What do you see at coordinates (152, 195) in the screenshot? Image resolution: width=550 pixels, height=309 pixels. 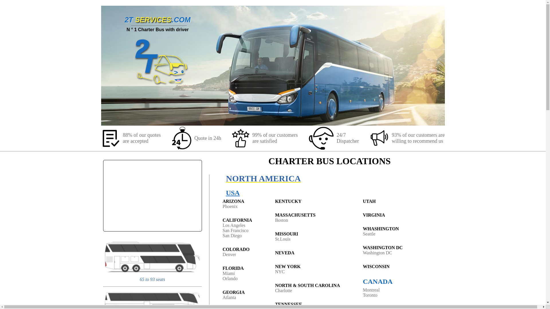 I see `'YouTube video'` at bounding box center [152, 195].